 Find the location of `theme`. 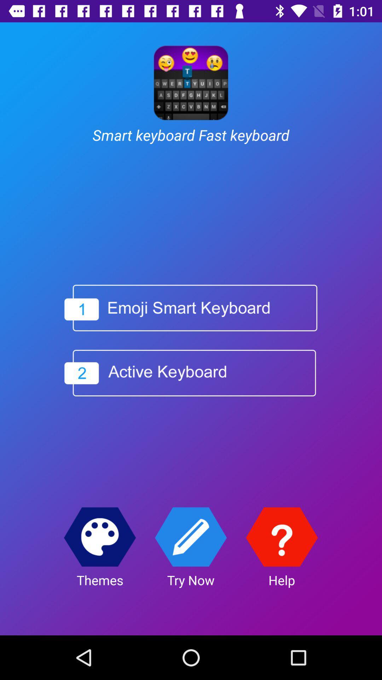

theme is located at coordinates (100, 537).